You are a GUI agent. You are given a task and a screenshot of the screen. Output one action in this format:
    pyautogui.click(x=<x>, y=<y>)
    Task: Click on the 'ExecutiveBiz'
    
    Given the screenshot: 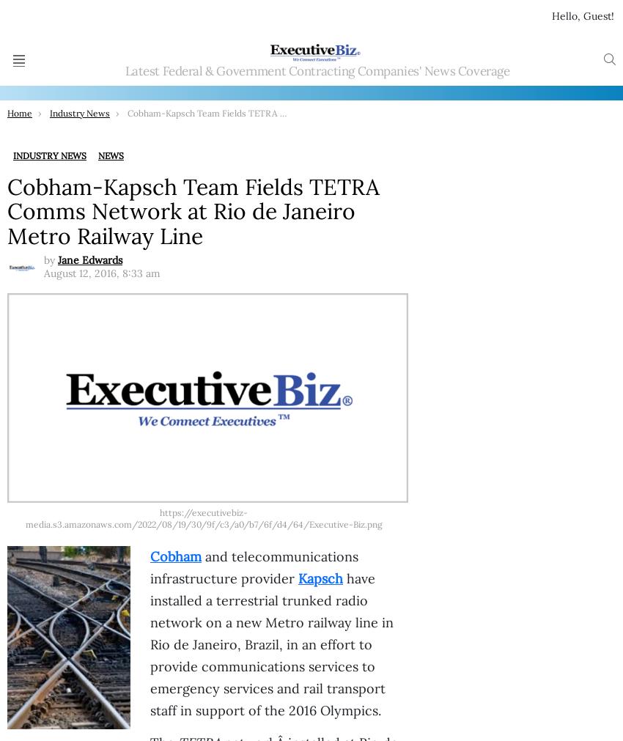 What is the action you would take?
    pyautogui.click(x=43, y=575)
    